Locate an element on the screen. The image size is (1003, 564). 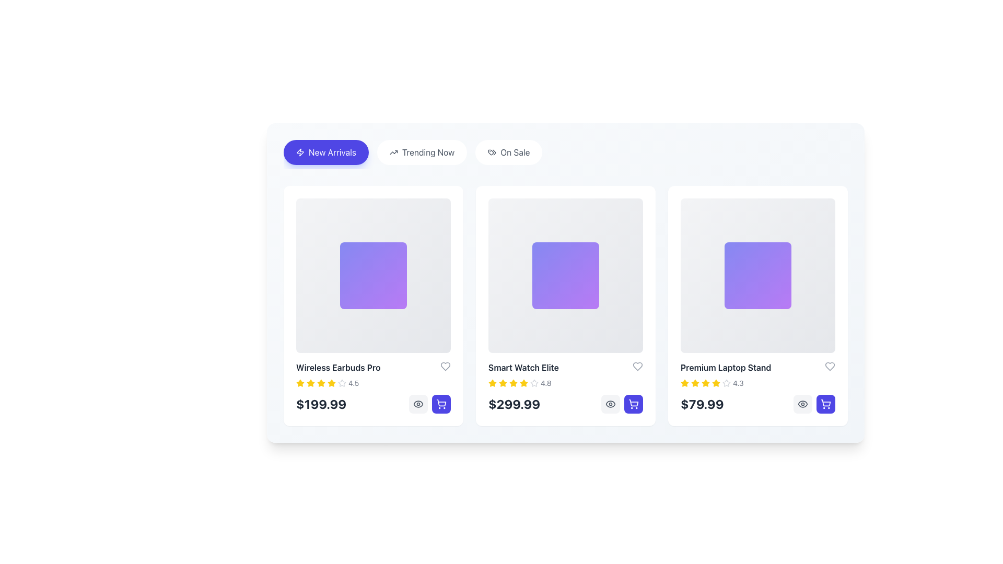
price information displayed in bold typography as '$79.99' located at the bottom-left corner of the product card for 'Premium Laptop Stand' is located at coordinates (702, 404).